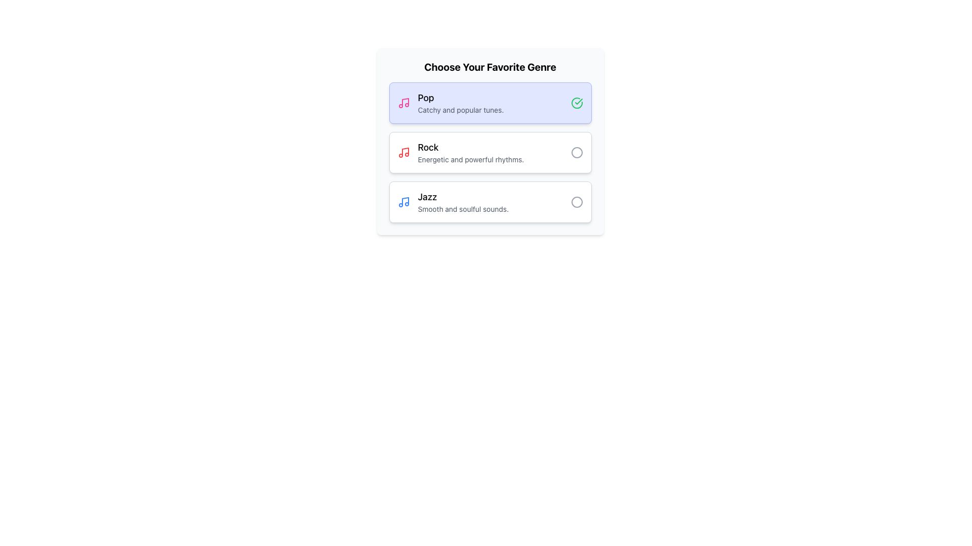 The height and width of the screenshot is (546, 972). I want to click on the Text Group that describes the 'Jazz' genre, which is the third item in a vertical list of genre selectors, so click(494, 202).